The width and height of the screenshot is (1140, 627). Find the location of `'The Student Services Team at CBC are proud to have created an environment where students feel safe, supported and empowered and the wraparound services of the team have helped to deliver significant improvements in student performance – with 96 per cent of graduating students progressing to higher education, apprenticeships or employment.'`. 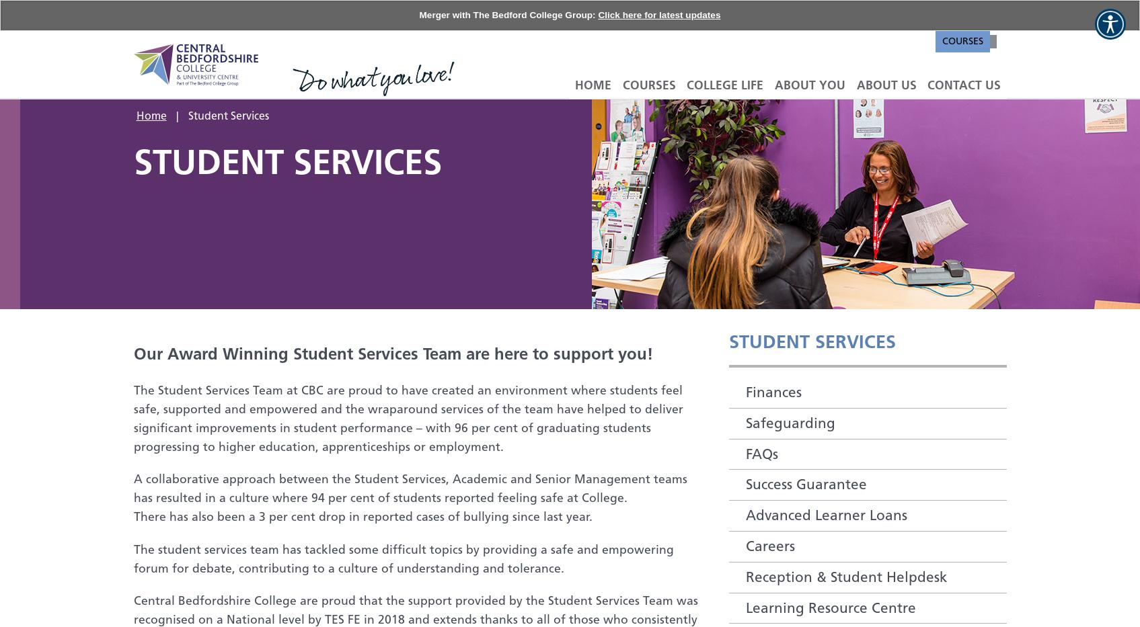

'The Student Services Team at CBC are proud to have created an environment where students feel safe, supported and empowered and the wraparound services of the team have helped to deliver significant improvements in student performance – with 96 per cent of graduating students progressing to higher education, apprenticeships or employment.' is located at coordinates (407, 417).